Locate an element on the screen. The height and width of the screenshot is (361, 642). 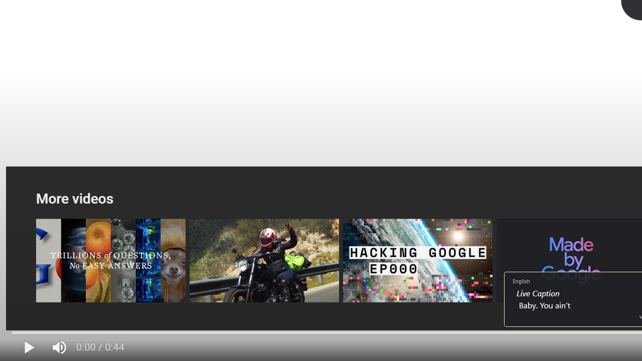
'Mute (m)' is located at coordinates (60, 347).